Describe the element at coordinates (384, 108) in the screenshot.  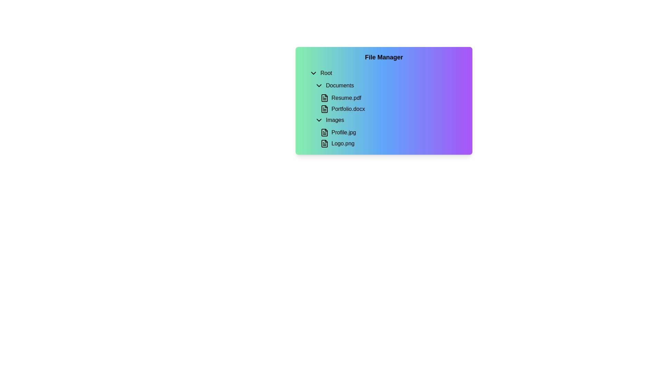
I see `individual file entries in the List of file items within the 'File Manager' card` at that location.